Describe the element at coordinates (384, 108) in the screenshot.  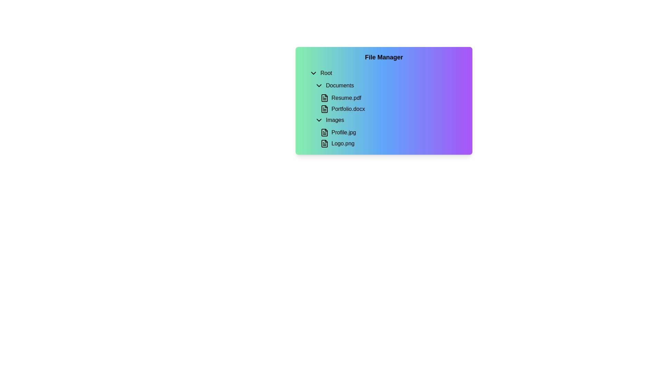
I see `individual file entries in the List of file items within the 'File Manager' card` at that location.